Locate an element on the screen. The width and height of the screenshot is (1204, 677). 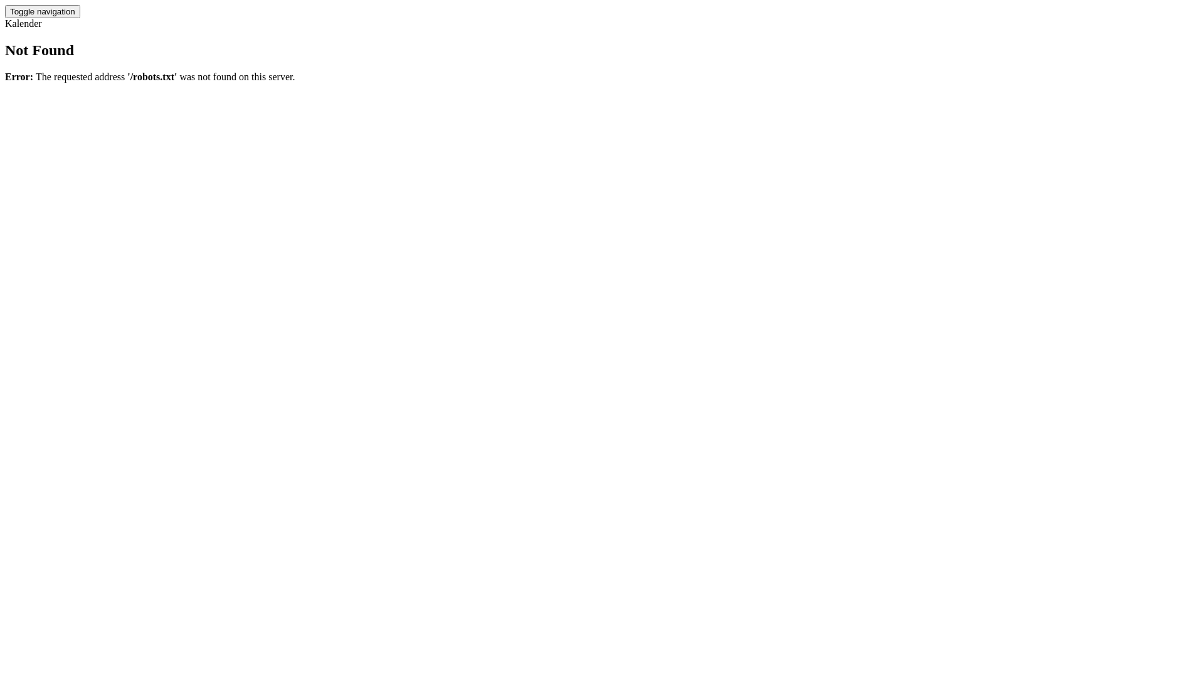
'Toggle navigation' is located at coordinates (42, 11).